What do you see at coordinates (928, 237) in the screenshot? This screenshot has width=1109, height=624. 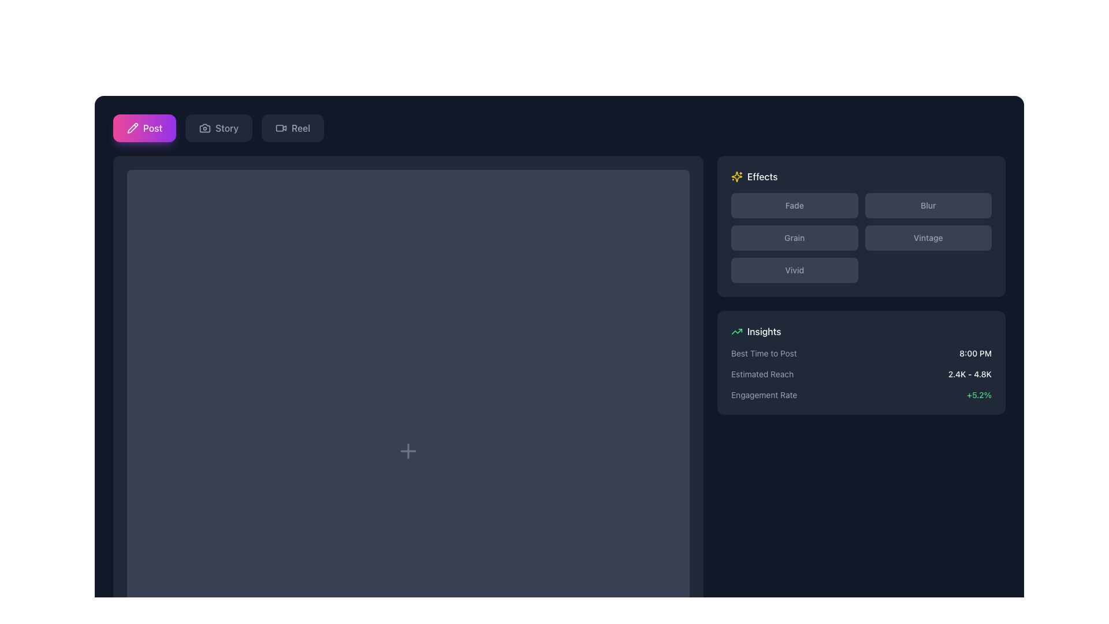 I see `the 'Vintage' button located in the bottom-right section of the 'Effects' panel to apply the Vintage effect to the associated content` at bounding box center [928, 237].